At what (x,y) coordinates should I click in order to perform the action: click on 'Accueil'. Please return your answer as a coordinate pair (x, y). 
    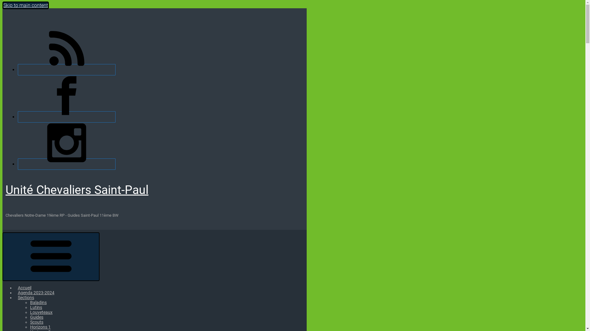
    Looking at the image, I should click on (25, 287).